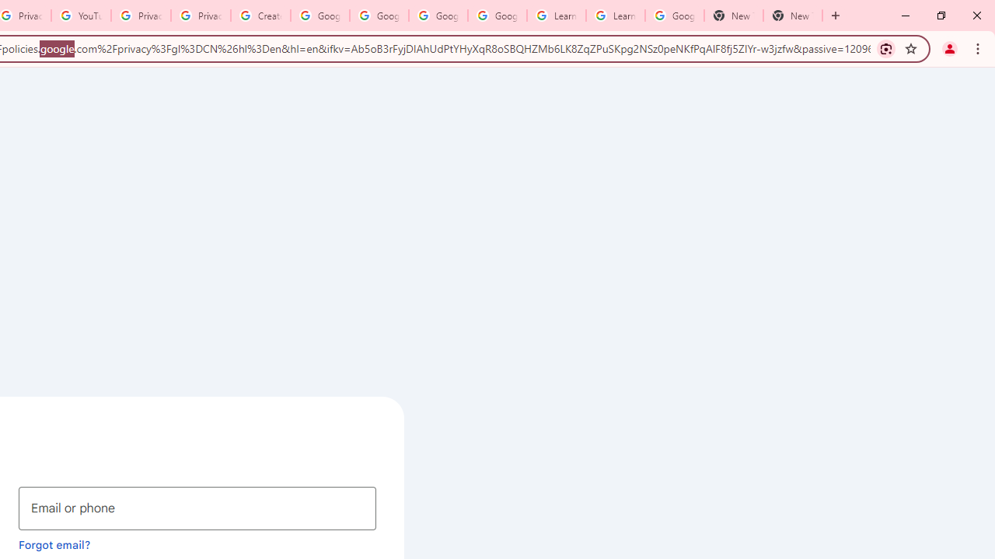  What do you see at coordinates (793, 16) in the screenshot?
I see `'New Tab'` at bounding box center [793, 16].